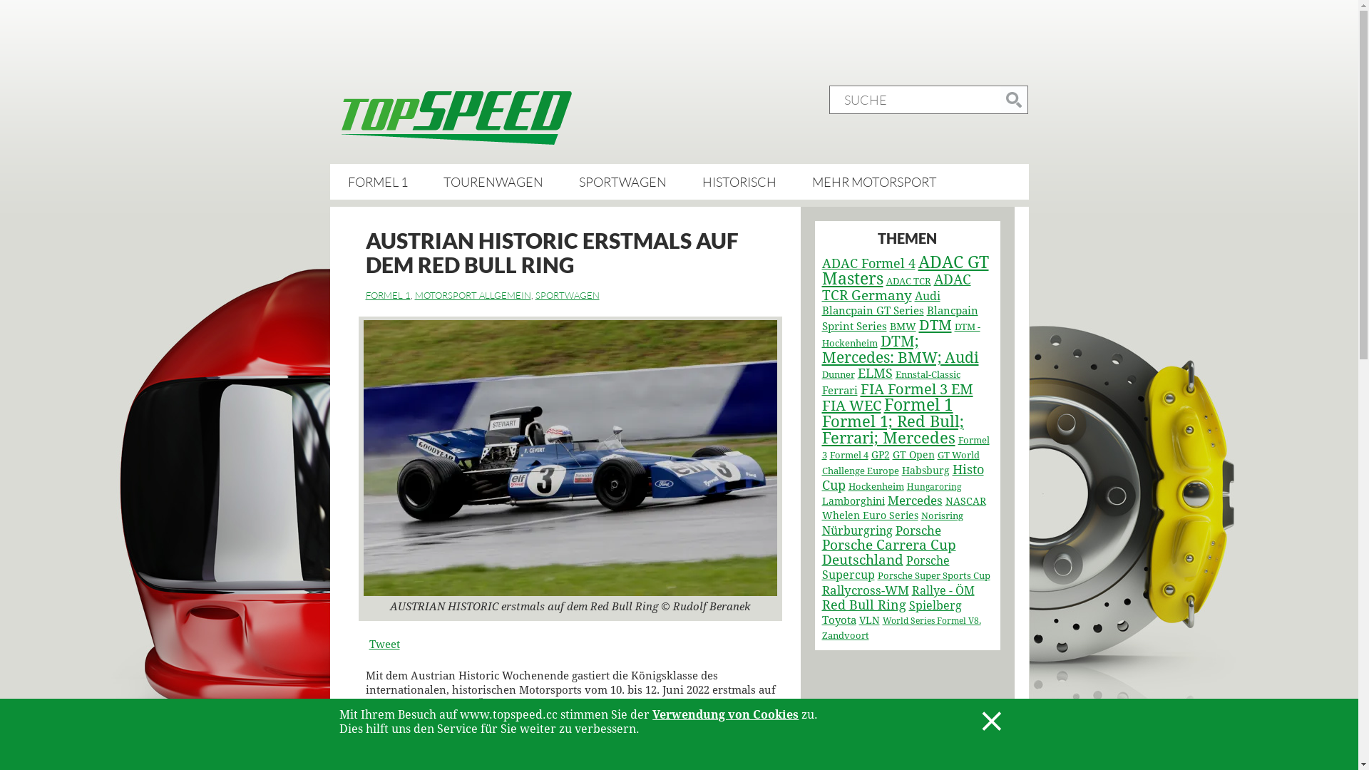  I want to click on 'MEHR MOTORSPORT', so click(873, 180).